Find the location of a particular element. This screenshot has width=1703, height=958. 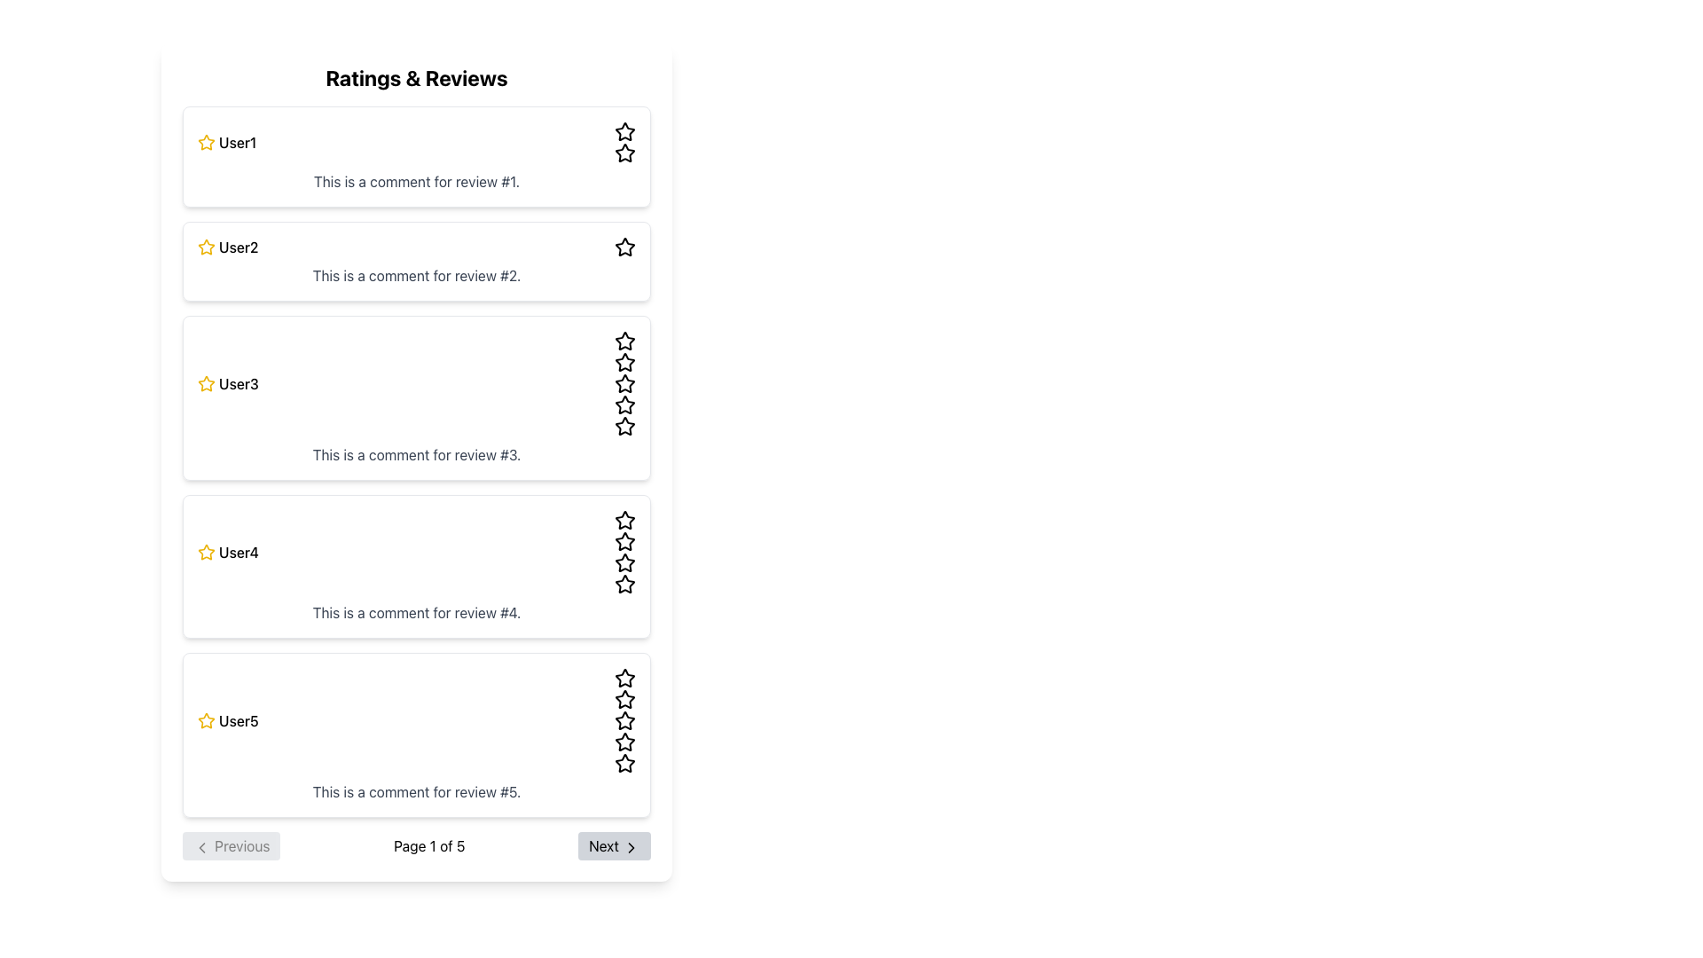

text stating 'This is a comment for review #3.' which is located below 'User3' in the third review card is located at coordinates (416, 454).